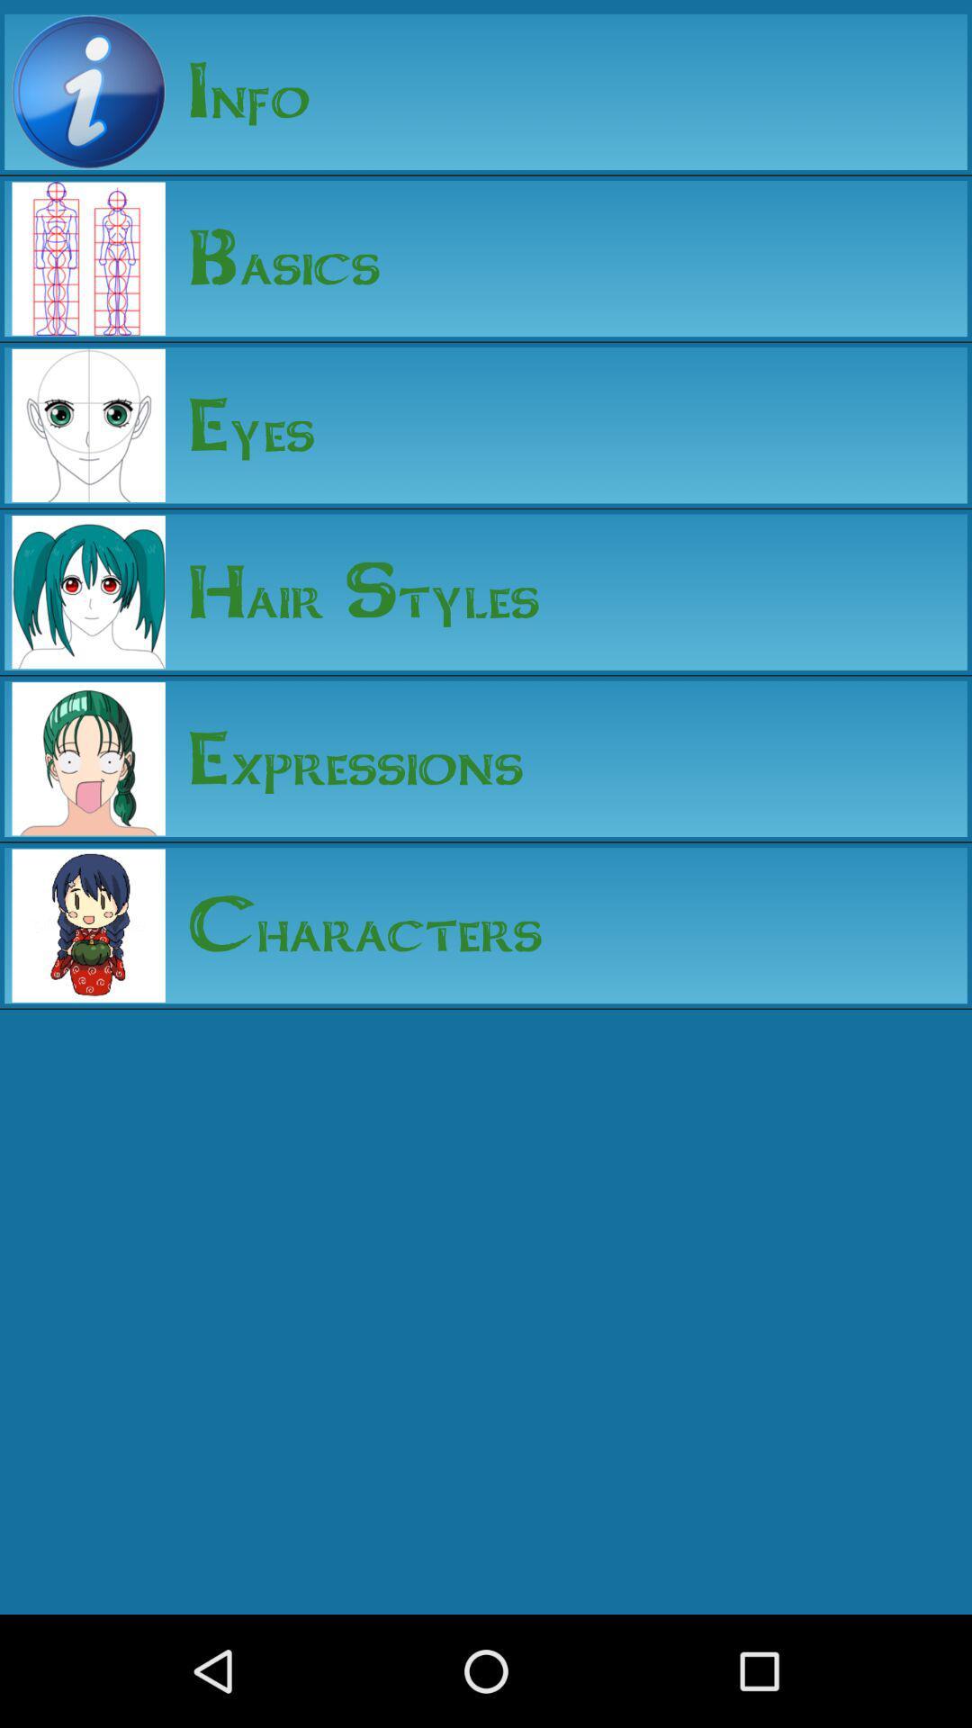  Describe the element at coordinates (273, 257) in the screenshot. I see `basics` at that location.